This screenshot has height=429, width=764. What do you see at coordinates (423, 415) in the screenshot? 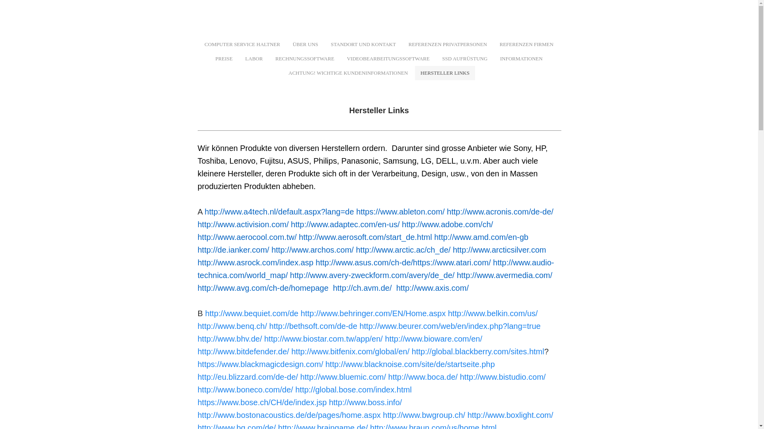
I see `'http://www.bwgroup.ch/'` at bounding box center [423, 415].